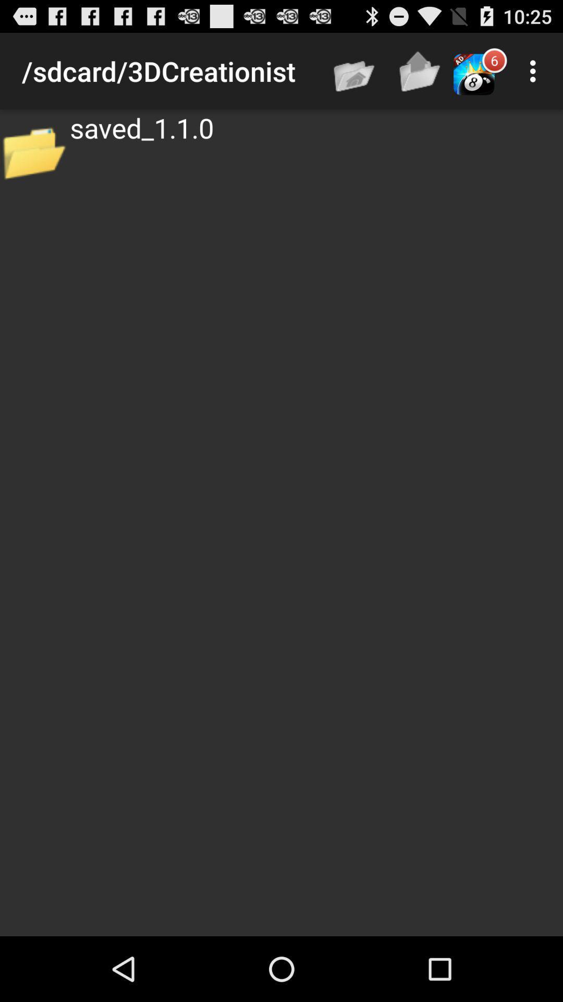  What do you see at coordinates (535, 70) in the screenshot?
I see `icon above the saved_1.1.0 app` at bounding box center [535, 70].